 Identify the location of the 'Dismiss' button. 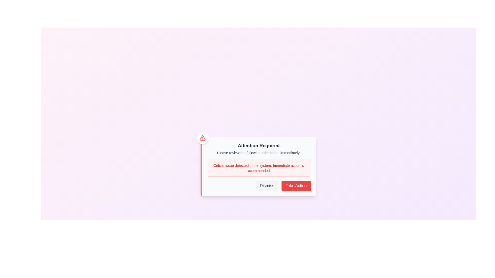
(267, 186).